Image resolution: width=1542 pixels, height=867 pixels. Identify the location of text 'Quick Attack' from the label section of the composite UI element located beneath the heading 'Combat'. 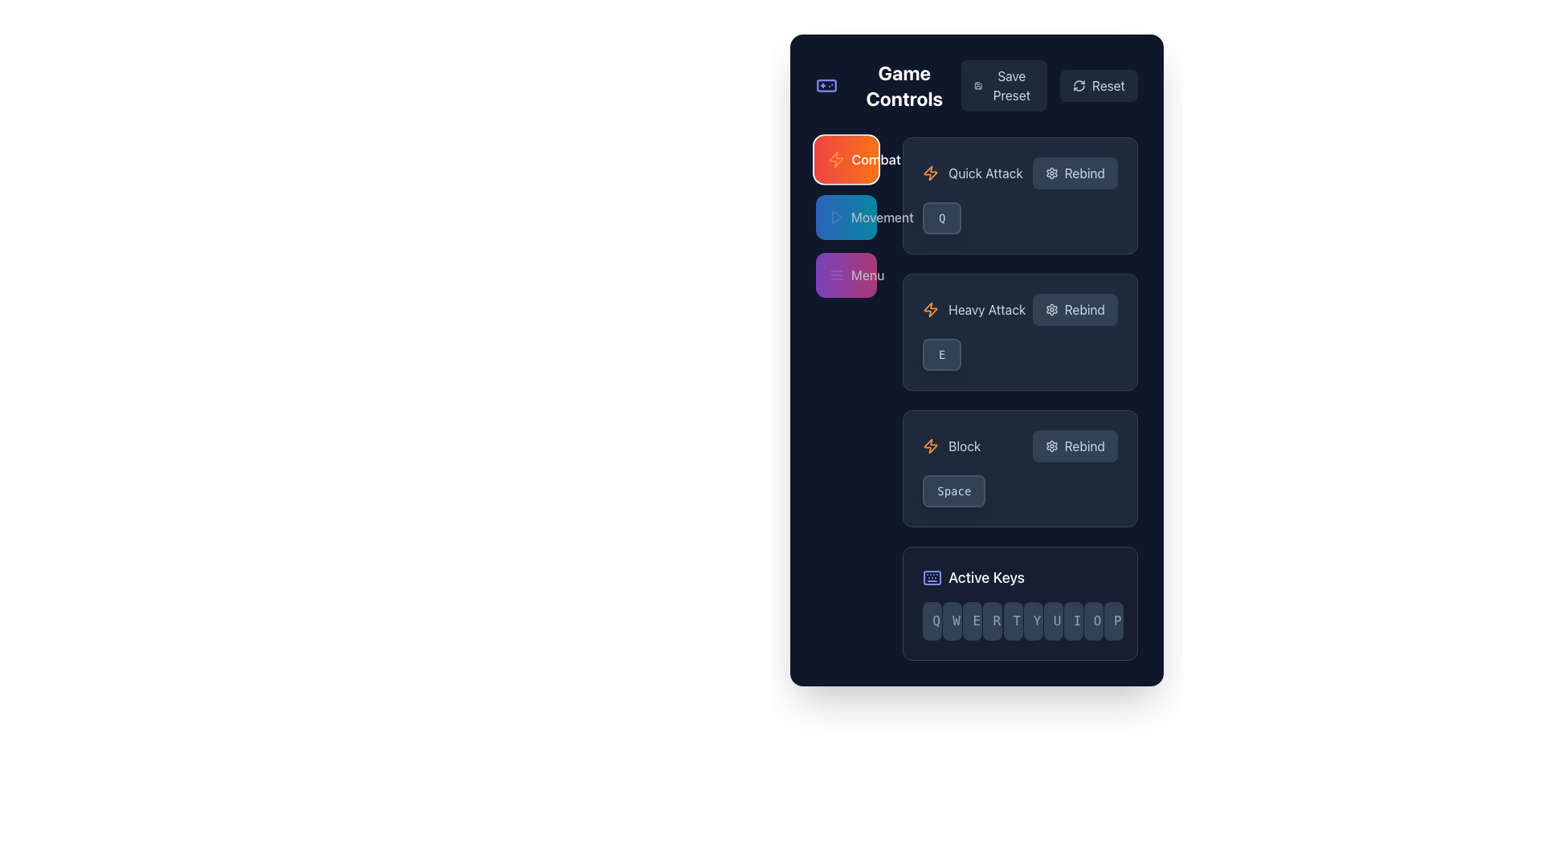
(1019, 173).